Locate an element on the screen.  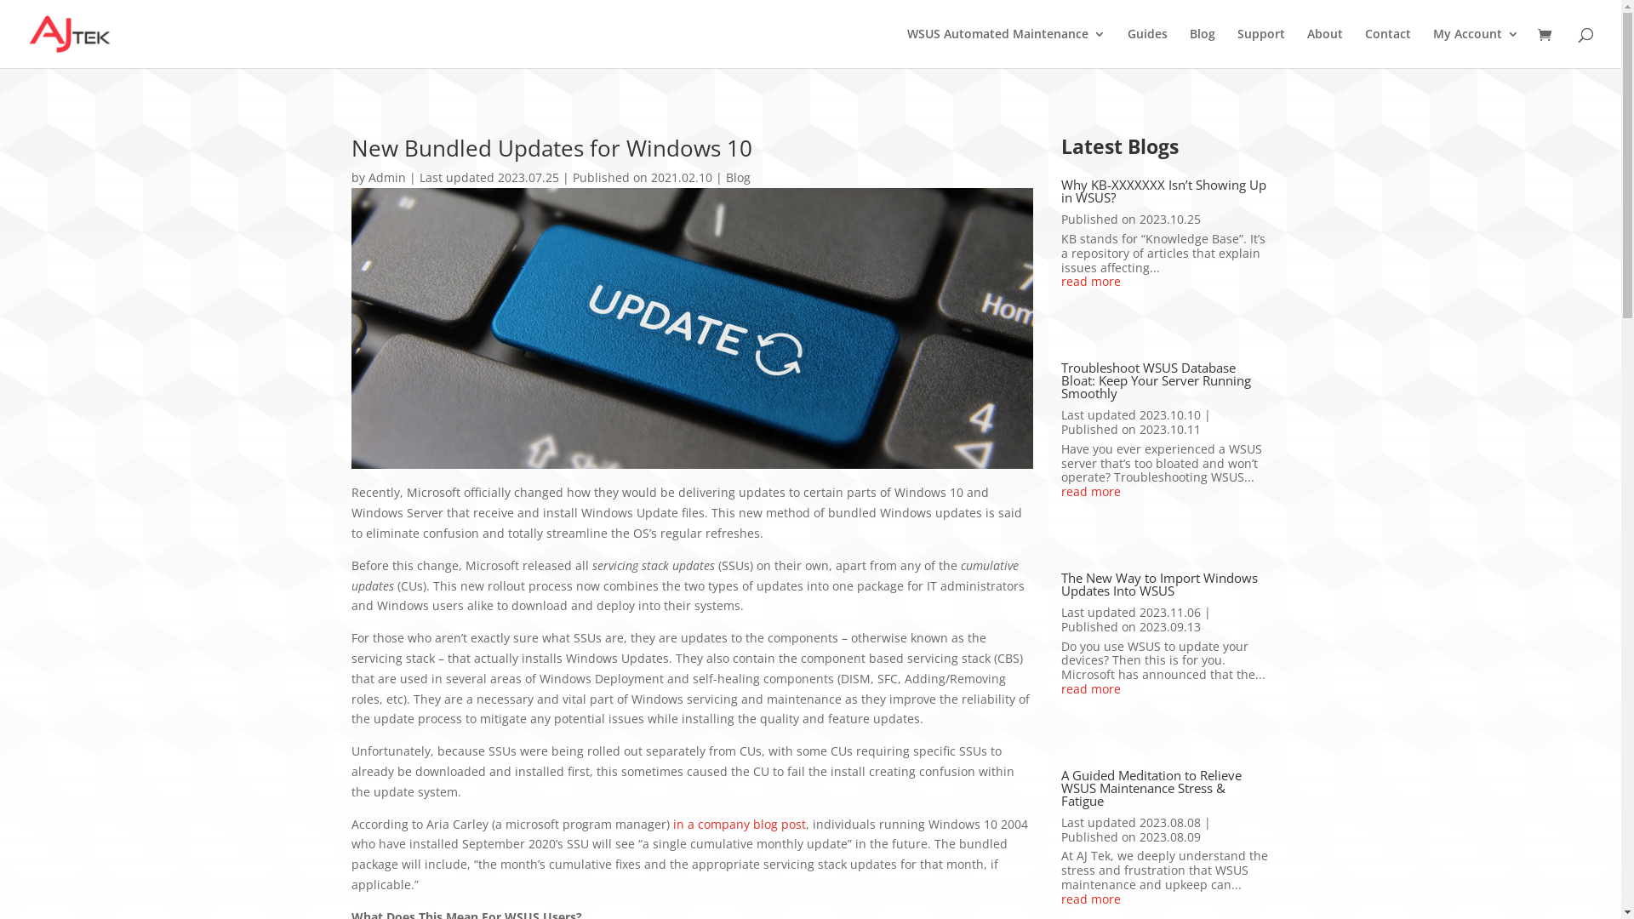
'About' is located at coordinates (1306, 47).